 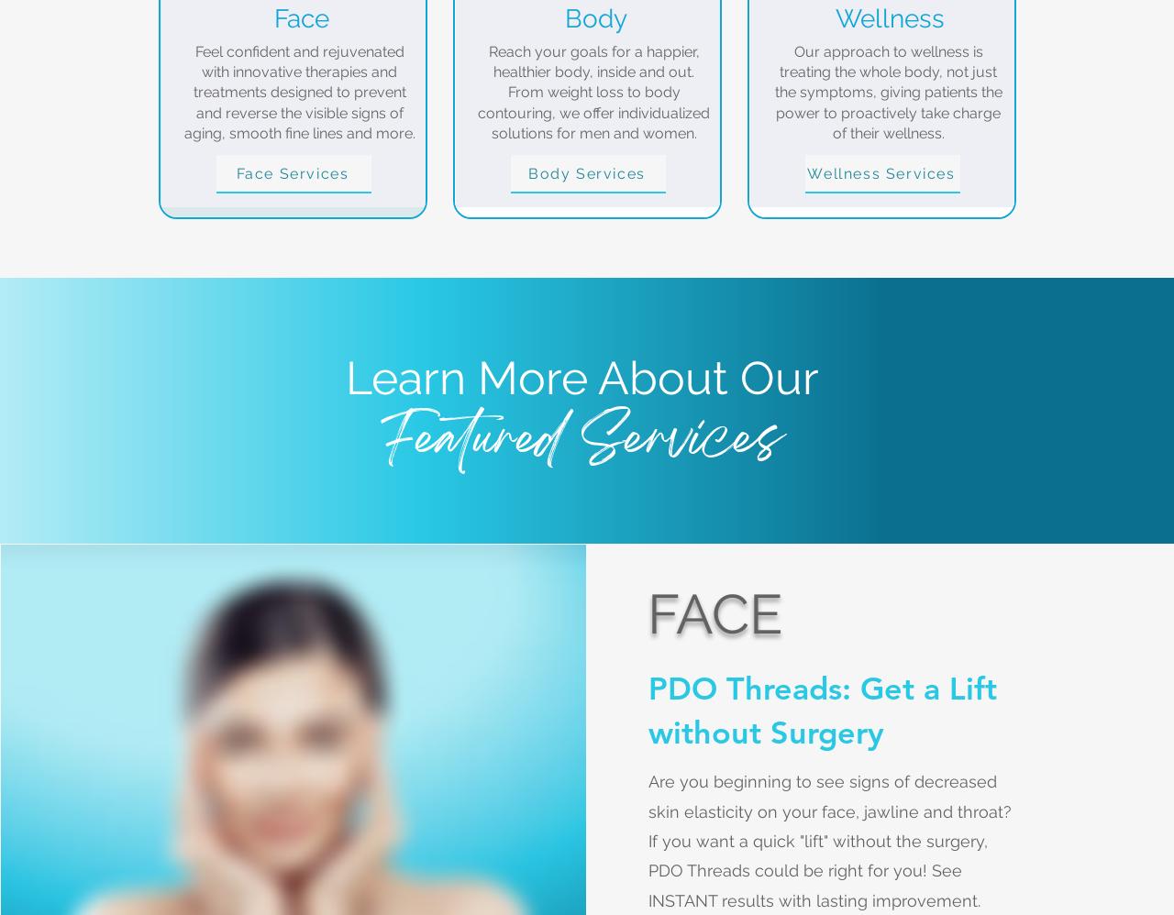 What do you see at coordinates (299, 92) in the screenshot?
I see `'Feel confident and rejuvenated with innovative therapies and treatments designed to prevent and reverse the visible signs of aging, smooth fine lines and more.'` at bounding box center [299, 92].